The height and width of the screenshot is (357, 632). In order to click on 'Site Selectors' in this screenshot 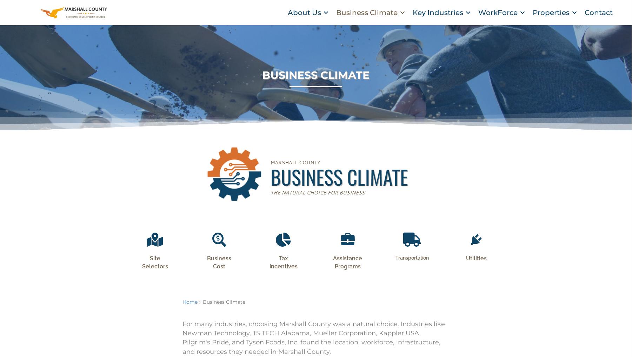, I will do `click(154, 271)`.